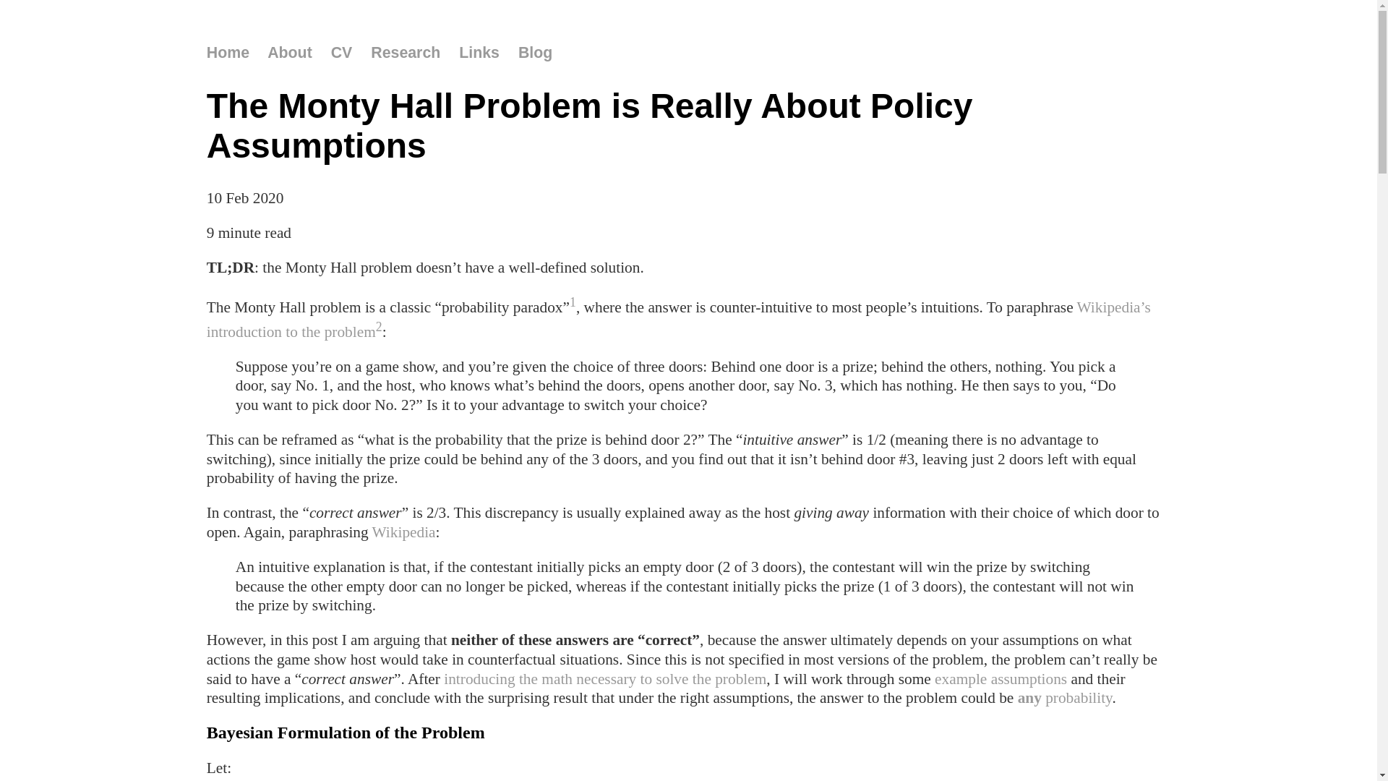  Describe the element at coordinates (518, 52) in the screenshot. I see `'Blog'` at that location.